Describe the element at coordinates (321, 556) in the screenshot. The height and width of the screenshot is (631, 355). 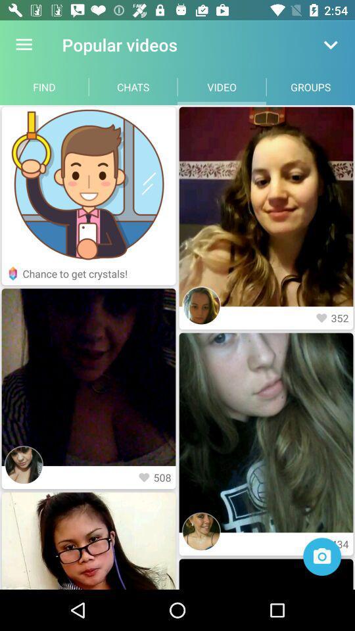
I see `open camera` at that location.